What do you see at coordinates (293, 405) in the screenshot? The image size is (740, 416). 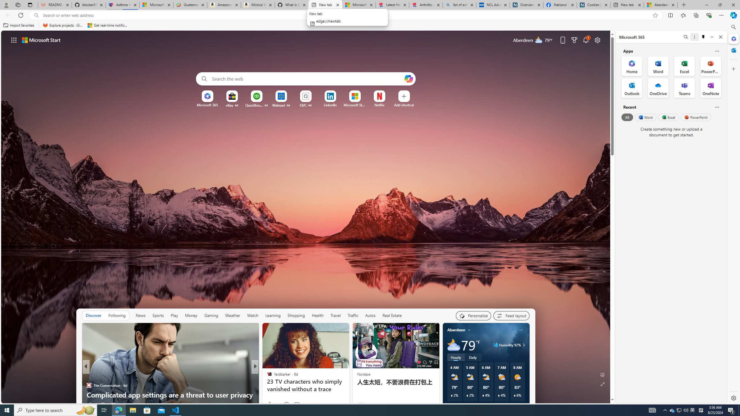 I see `'Start the conversation'` at bounding box center [293, 405].